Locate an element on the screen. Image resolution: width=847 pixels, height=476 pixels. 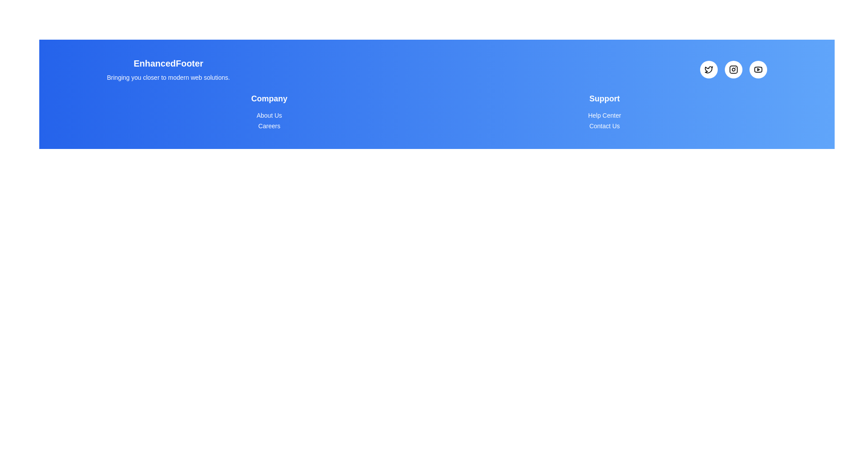
the 'About Us' hyperlink in the footer section to visualize the hover effect that underlines the text is located at coordinates (269, 115).